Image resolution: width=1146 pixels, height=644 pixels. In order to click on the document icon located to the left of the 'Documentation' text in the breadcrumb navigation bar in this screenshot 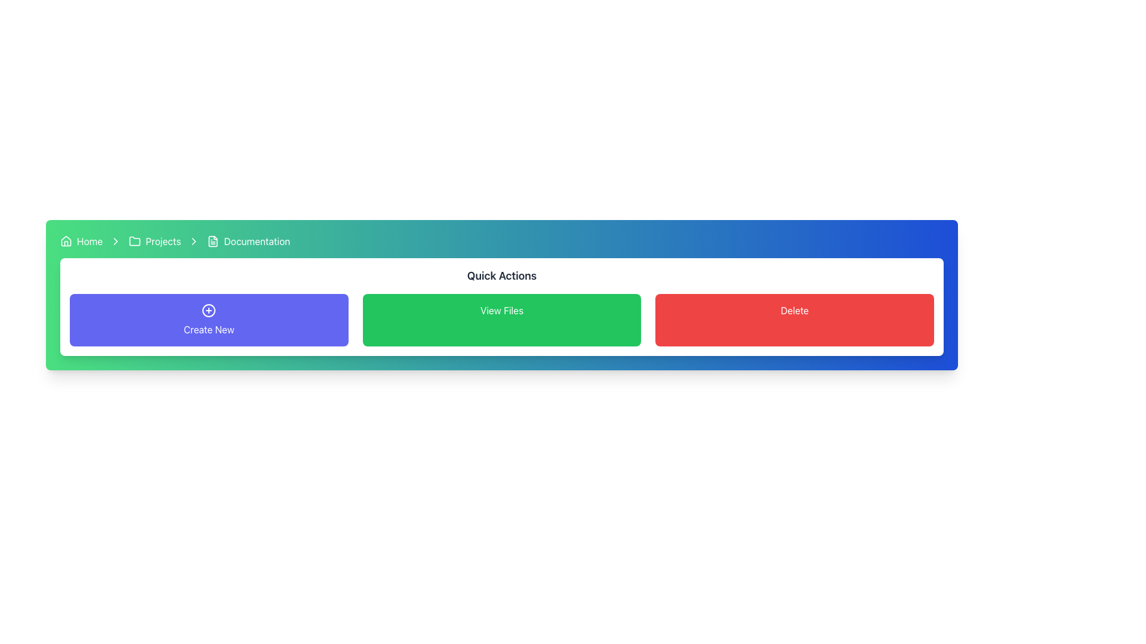, I will do `click(213, 241)`.